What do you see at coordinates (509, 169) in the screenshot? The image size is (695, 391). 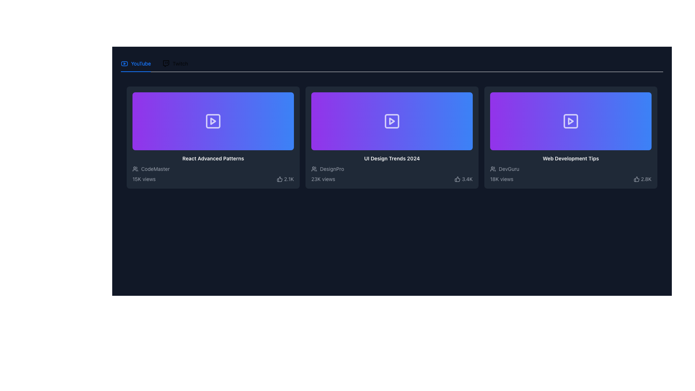 I see `the text label indicating the username or author of the content associated with the video card, located below the video thumbnail in the third card from the left` at bounding box center [509, 169].